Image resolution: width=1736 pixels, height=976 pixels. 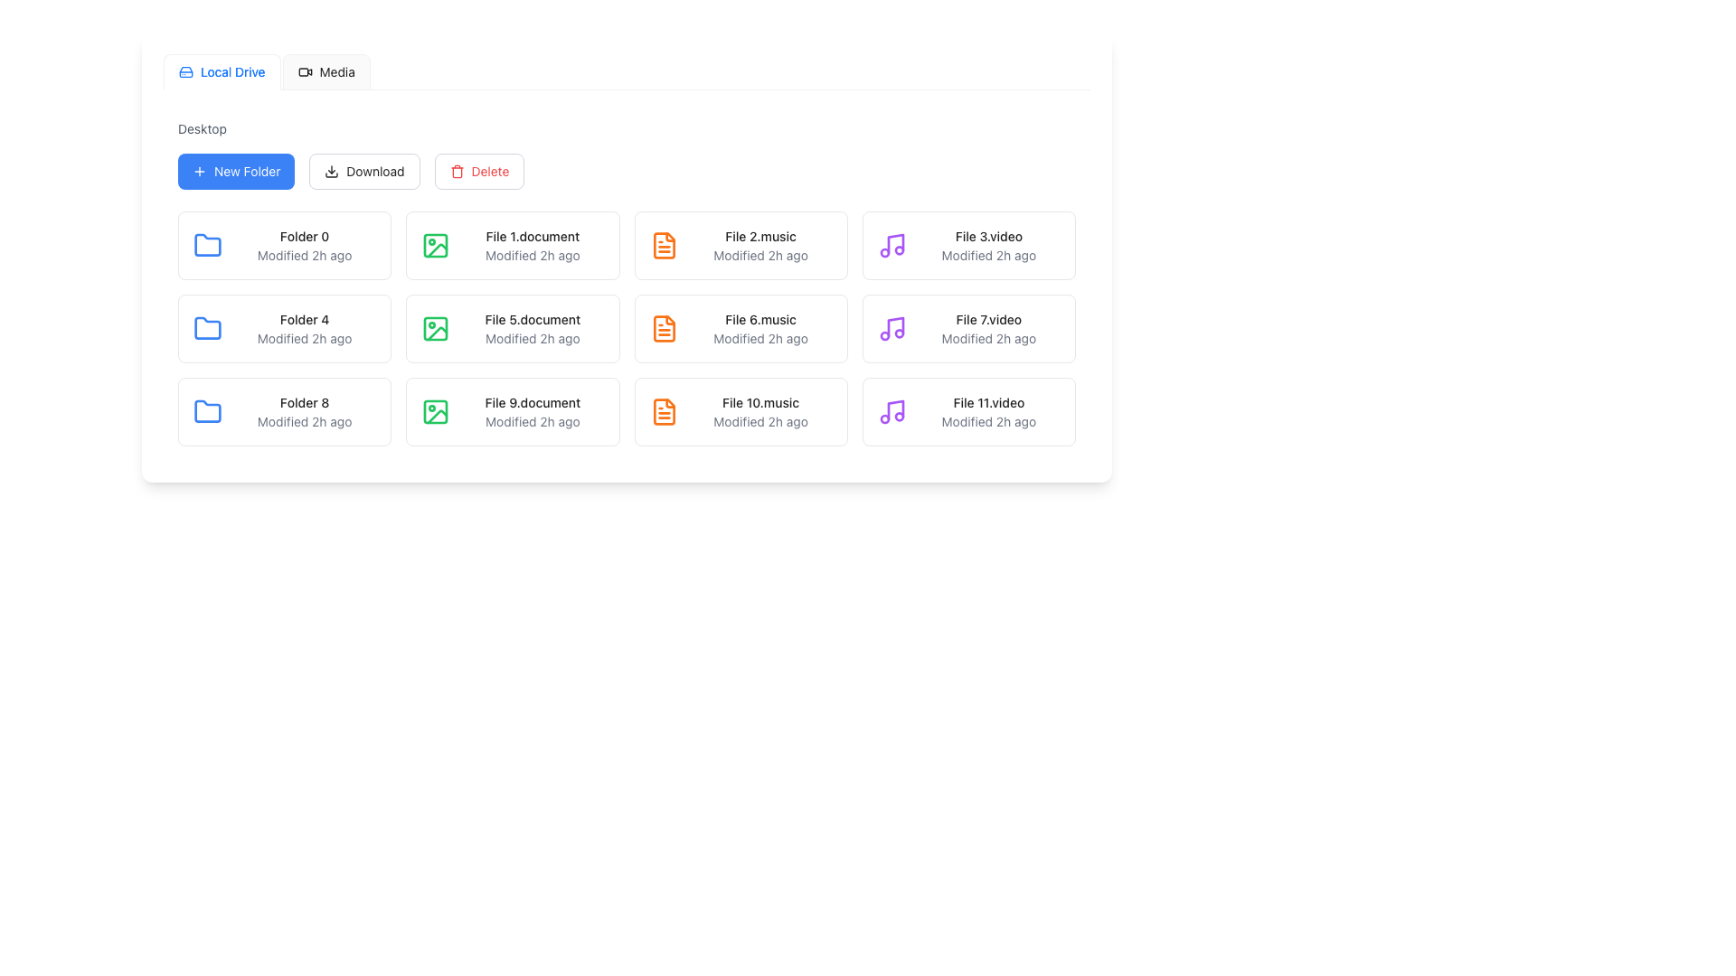 What do you see at coordinates (663, 328) in the screenshot?
I see `the orange document icon representing 'File 6.music' in the second row, third column under the 'Desktop' section` at bounding box center [663, 328].